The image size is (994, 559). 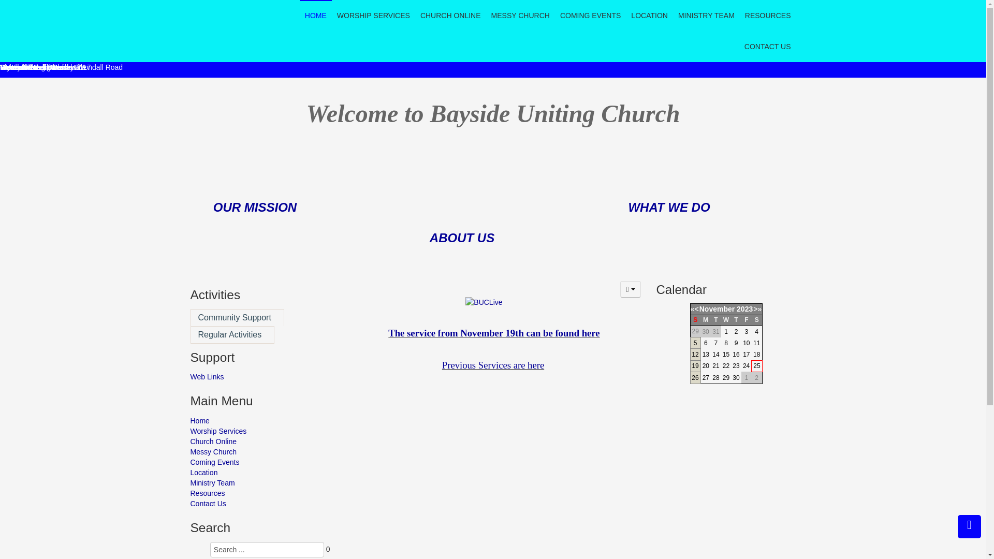 I want to click on '20', so click(x=705, y=365).